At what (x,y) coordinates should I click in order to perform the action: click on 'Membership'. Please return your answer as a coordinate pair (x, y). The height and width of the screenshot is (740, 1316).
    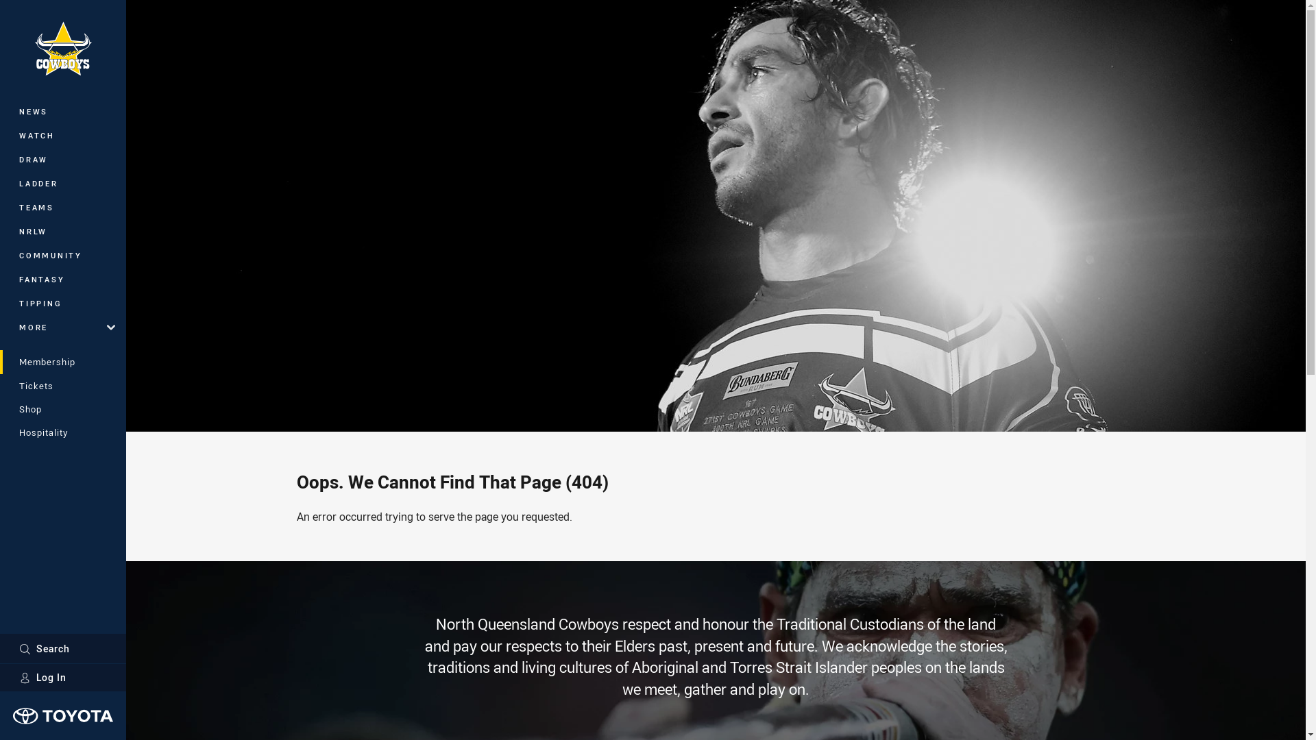
    Looking at the image, I should click on (0, 361).